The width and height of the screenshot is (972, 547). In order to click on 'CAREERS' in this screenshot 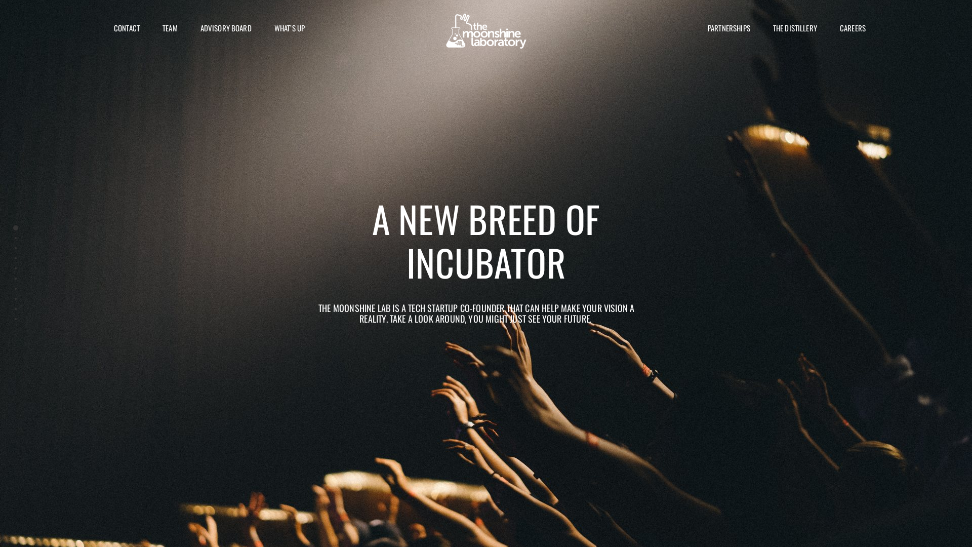, I will do `click(848, 30)`.